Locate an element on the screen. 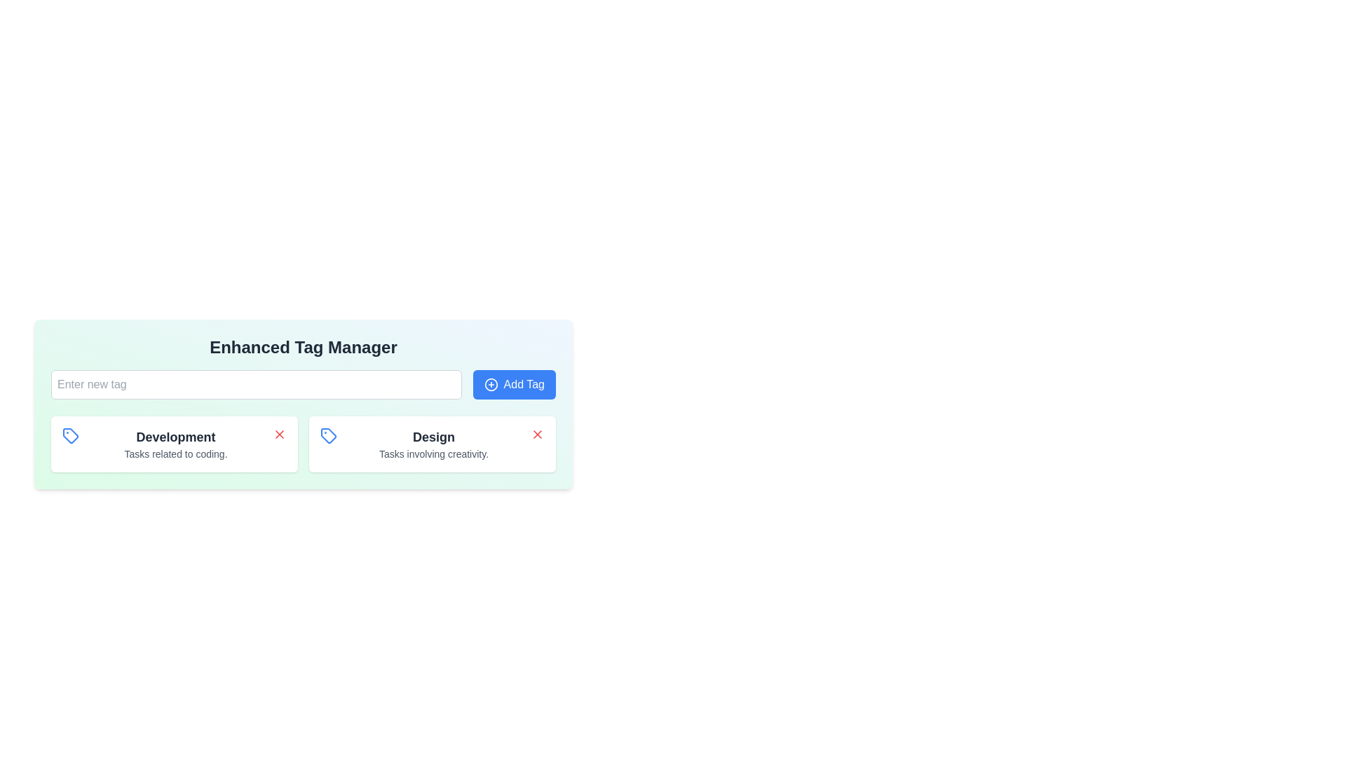 This screenshot has height=757, width=1346. information from the labeled category card titled 'Design', which includes the text 'Design' in bold and 'Tasks involving creativity.' is located at coordinates (433, 444).